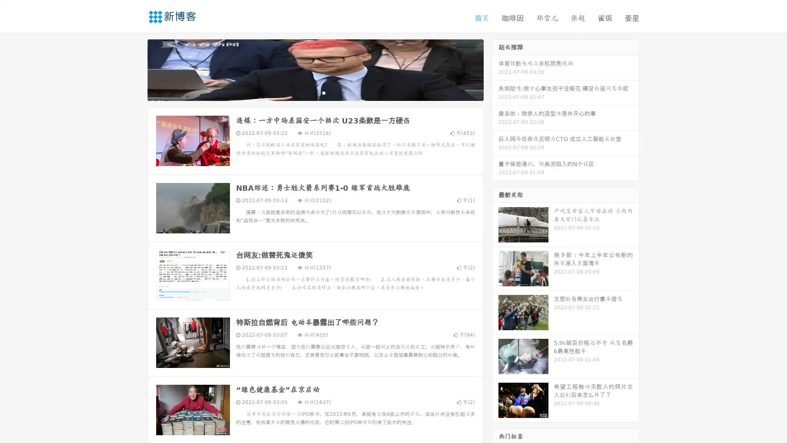 This screenshot has width=787, height=443. Describe the element at coordinates (323, 92) in the screenshot. I see `Go to slide 3` at that location.